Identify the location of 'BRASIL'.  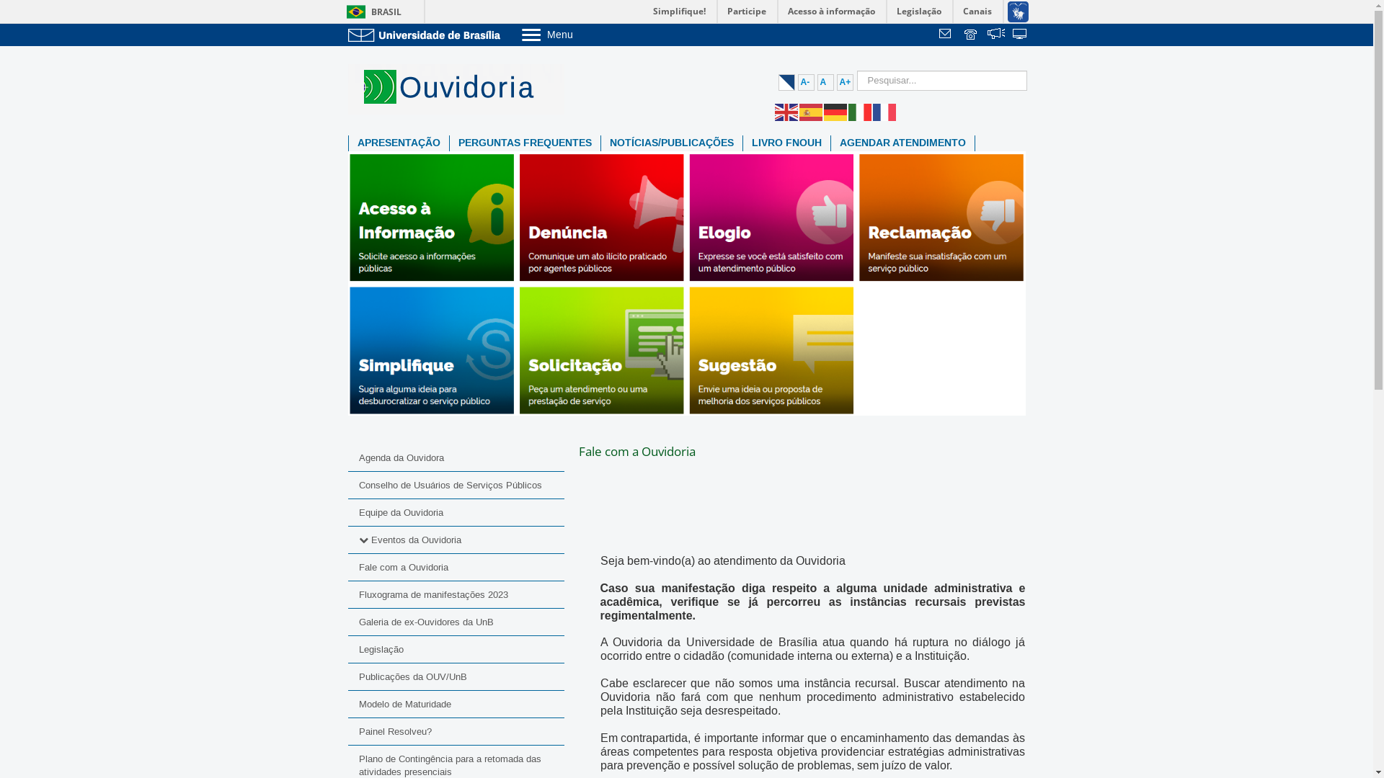
(371, 12).